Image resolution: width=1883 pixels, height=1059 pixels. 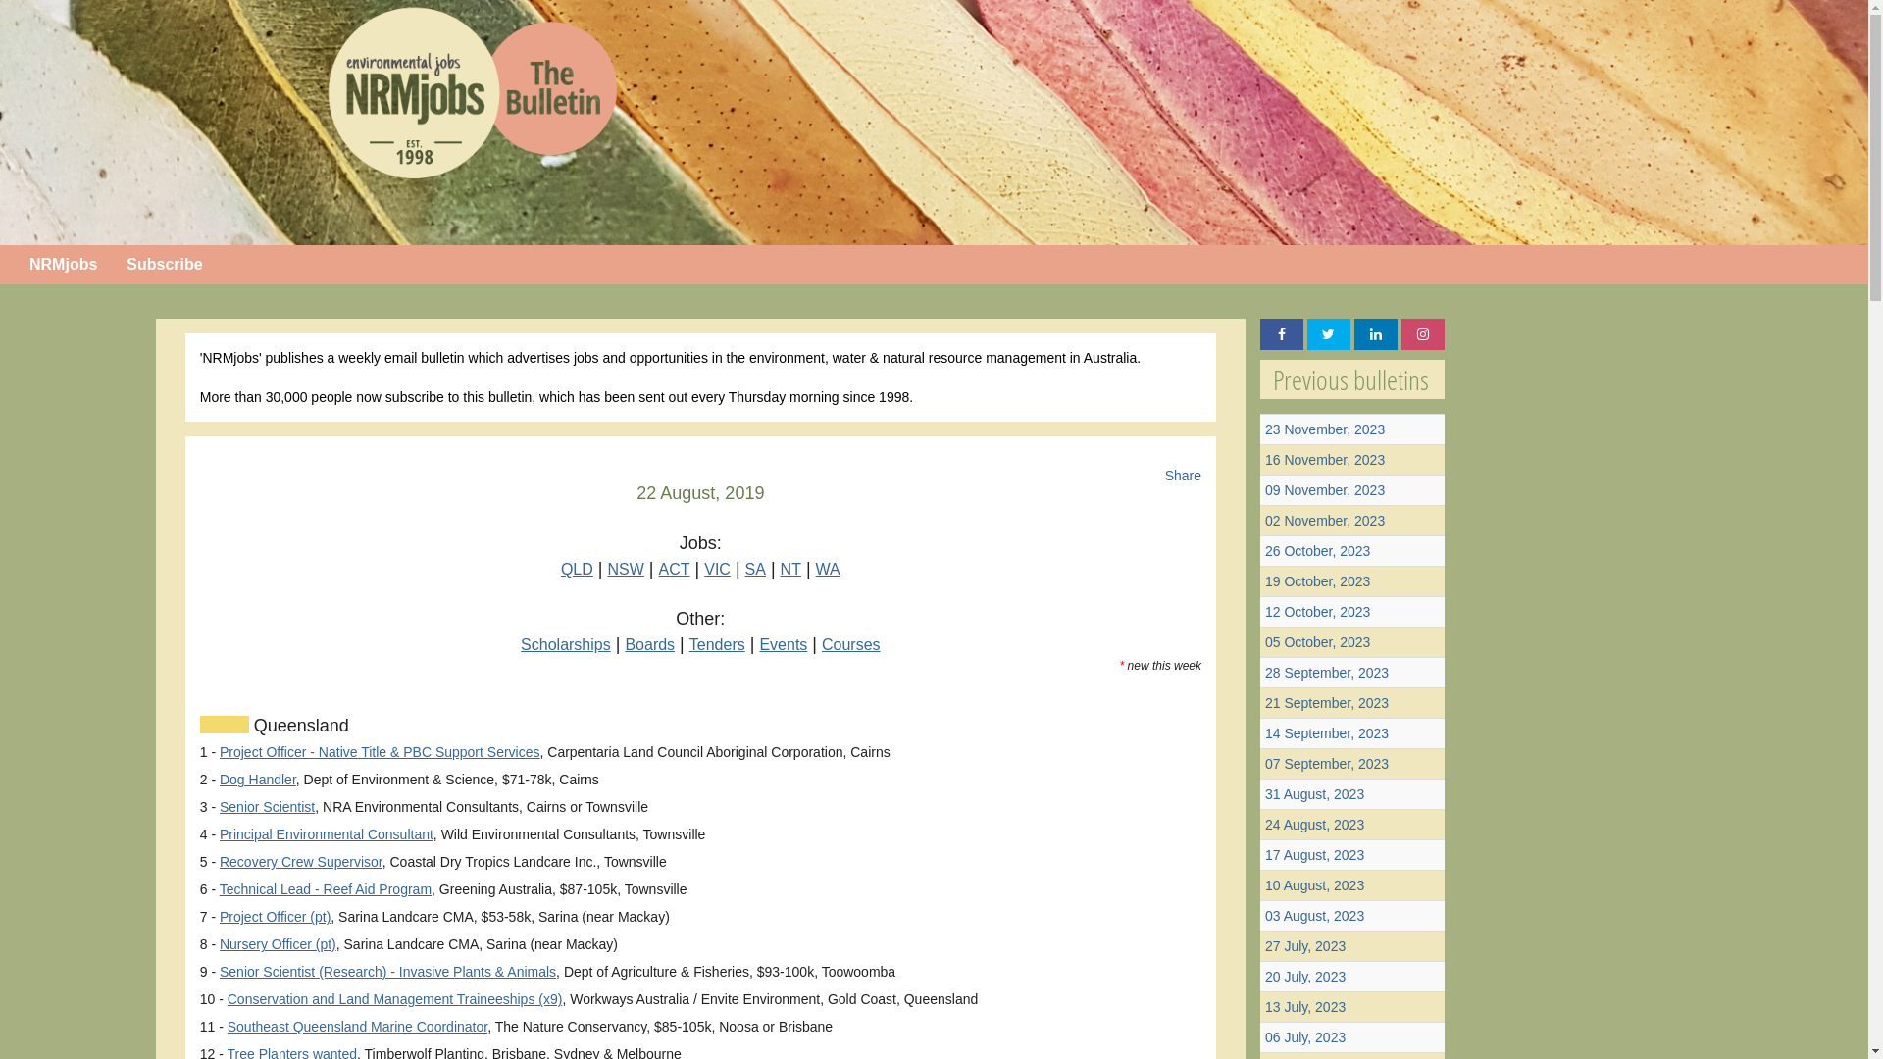 I want to click on '12 October, 2023', so click(x=1317, y=611).